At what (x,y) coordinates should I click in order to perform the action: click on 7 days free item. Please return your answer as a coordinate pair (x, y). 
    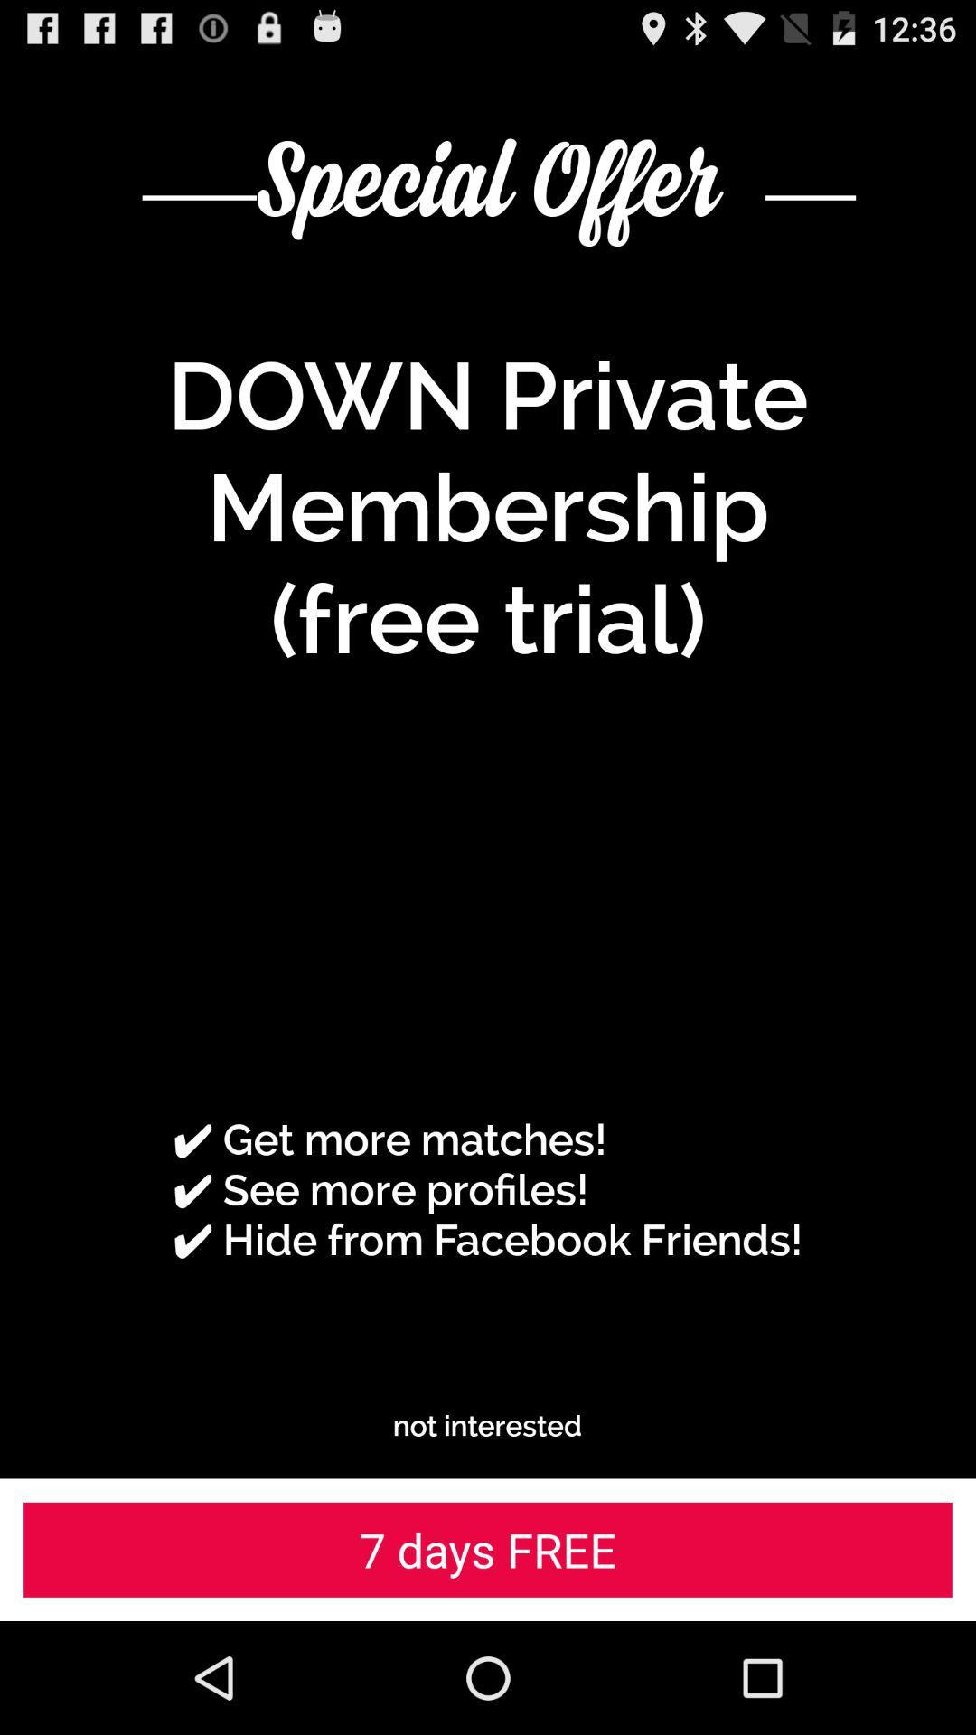
    Looking at the image, I should click on (488, 1549).